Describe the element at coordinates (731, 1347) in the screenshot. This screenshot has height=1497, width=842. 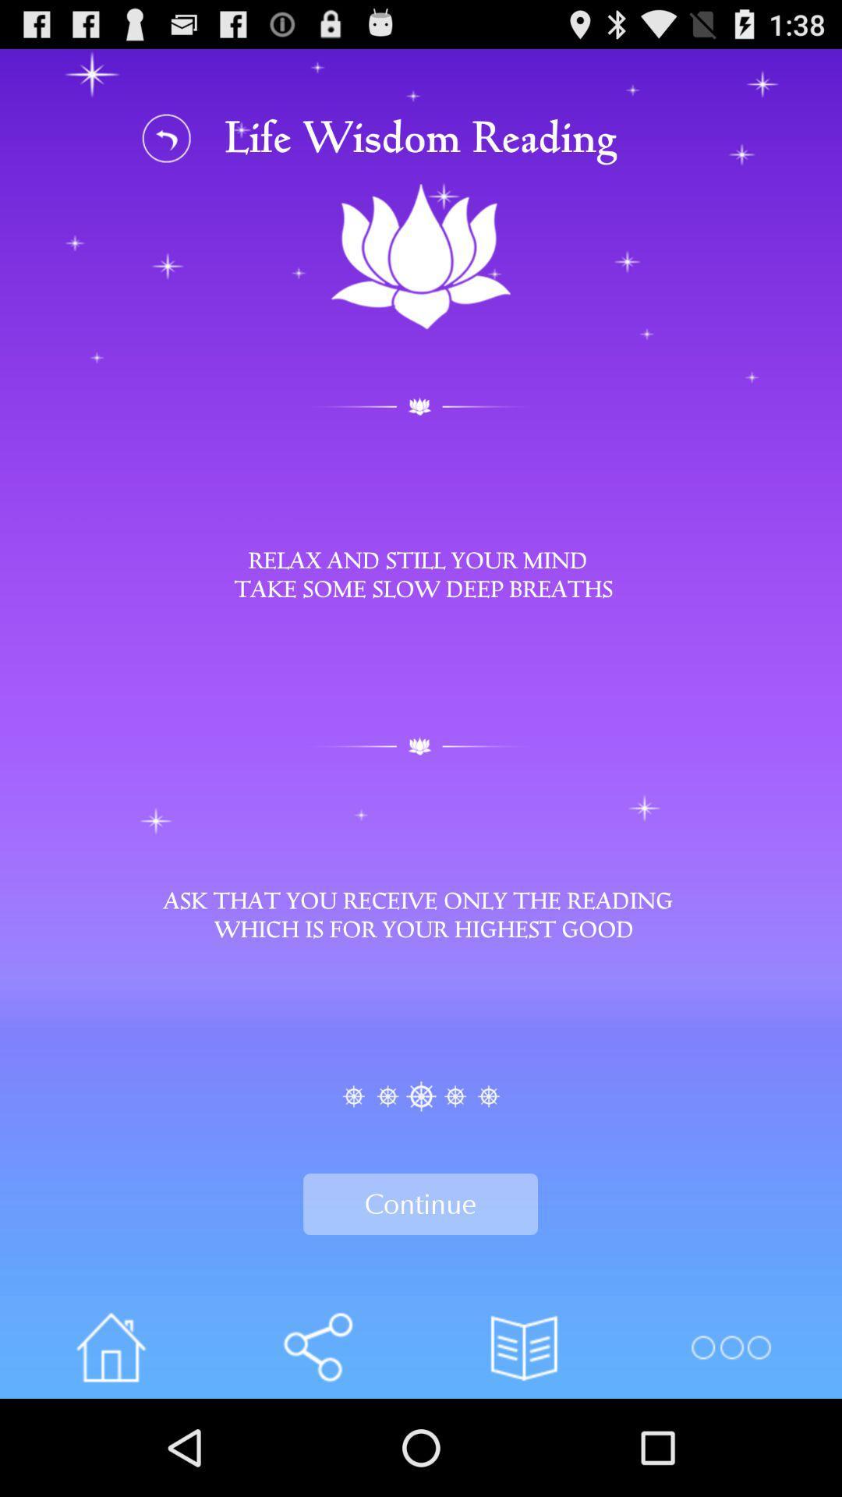
I see `main menu` at that location.